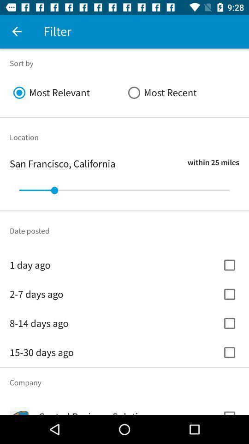  What do you see at coordinates (182, 92) in the screenshot?
I see `the item to the right of the most relevant icon` at bounding box center [182, 92].